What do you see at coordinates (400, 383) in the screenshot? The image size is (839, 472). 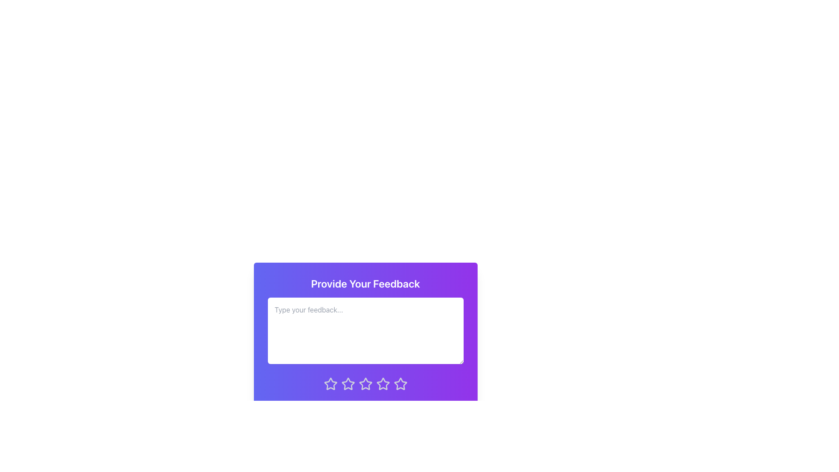 I see `the fifth star icon used for ratings, located below the 'Provide Your Feedback' text area` at bounding box center [400, 383].